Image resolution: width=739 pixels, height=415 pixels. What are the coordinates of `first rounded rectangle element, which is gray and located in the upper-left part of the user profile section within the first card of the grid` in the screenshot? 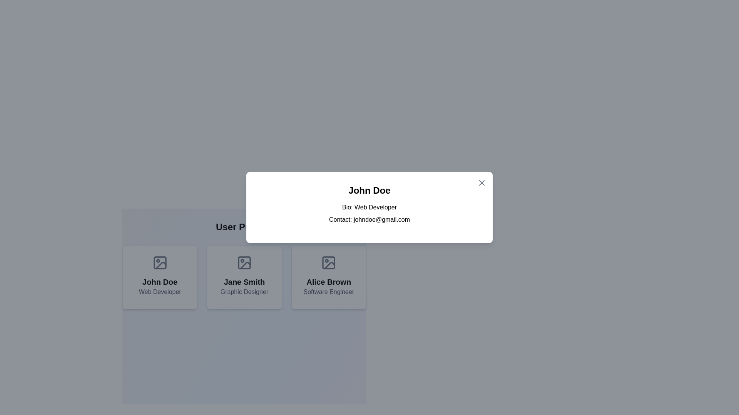 It's located at (159, 262).